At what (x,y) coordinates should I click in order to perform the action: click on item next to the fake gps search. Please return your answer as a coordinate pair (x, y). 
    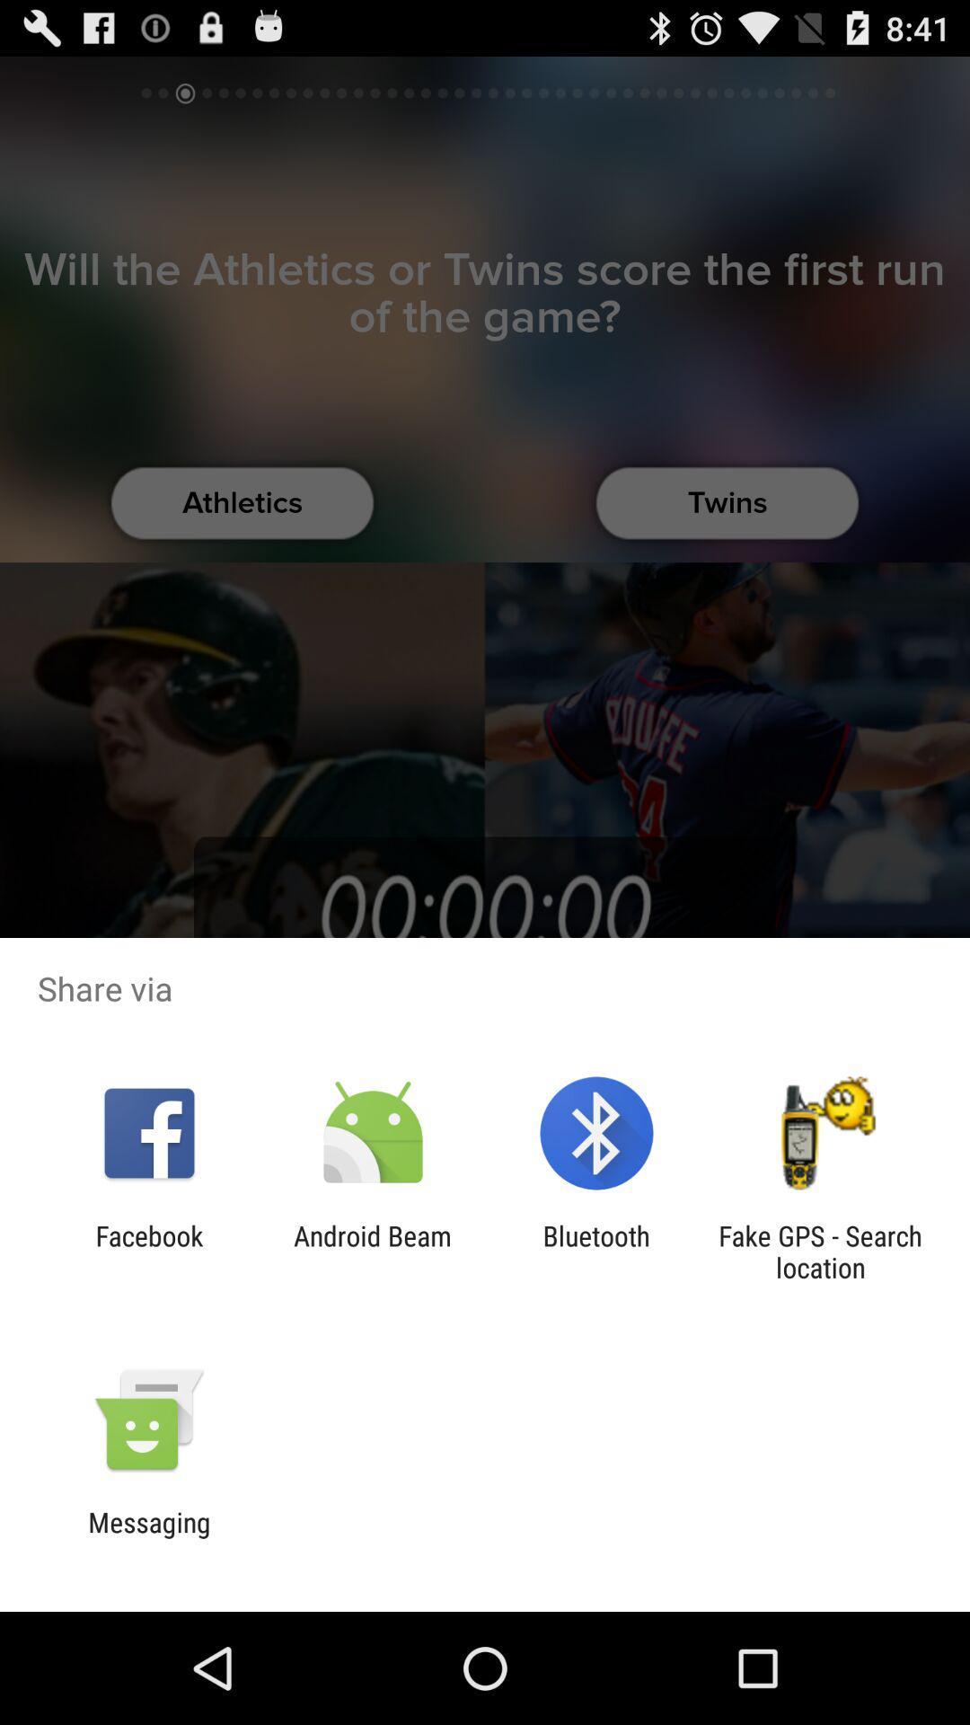
    Looking at the image, I should click on (596, 1251).